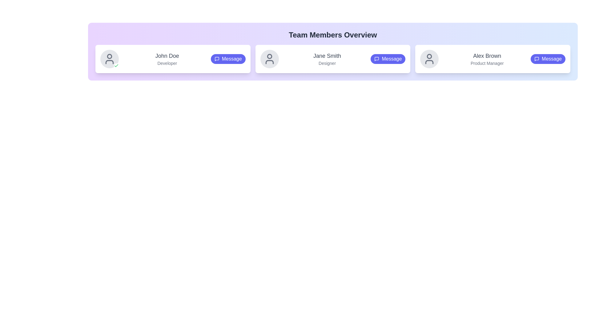 This screenshot has width=591, height=332. Describe the element at coordinates (217, 59) in the screenshot. I see `the SVG icon associated with the 'Message' label in the first user card for 'John Doe'` at that location.